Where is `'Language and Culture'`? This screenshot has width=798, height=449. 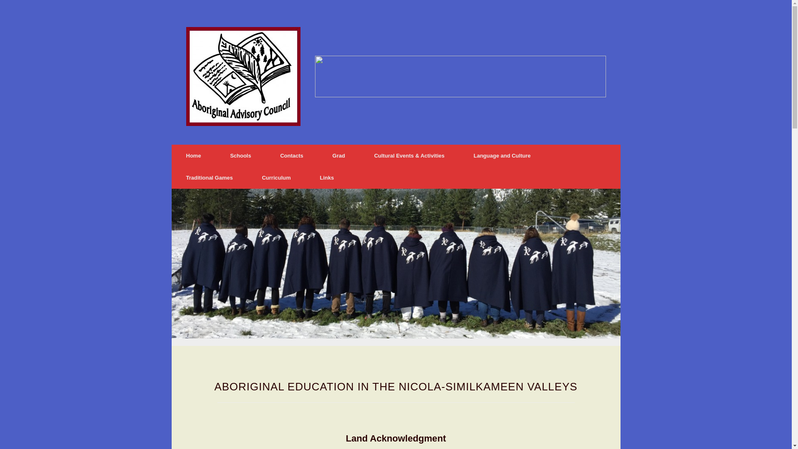
'Language and Culture' is located at coordinates (501, 155).